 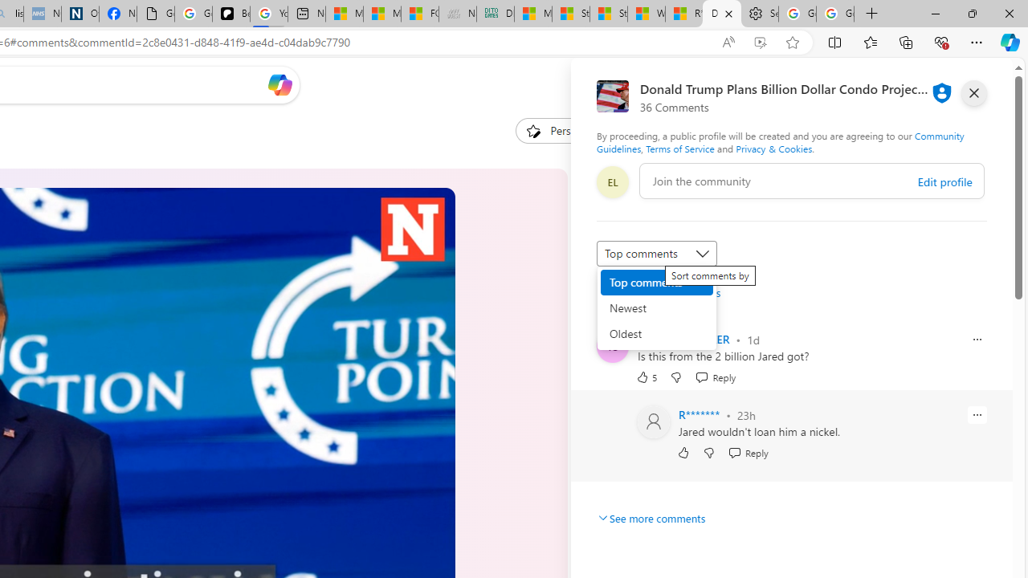 I want to click on 'Stocks - MSN', so click(x=607, y=14).